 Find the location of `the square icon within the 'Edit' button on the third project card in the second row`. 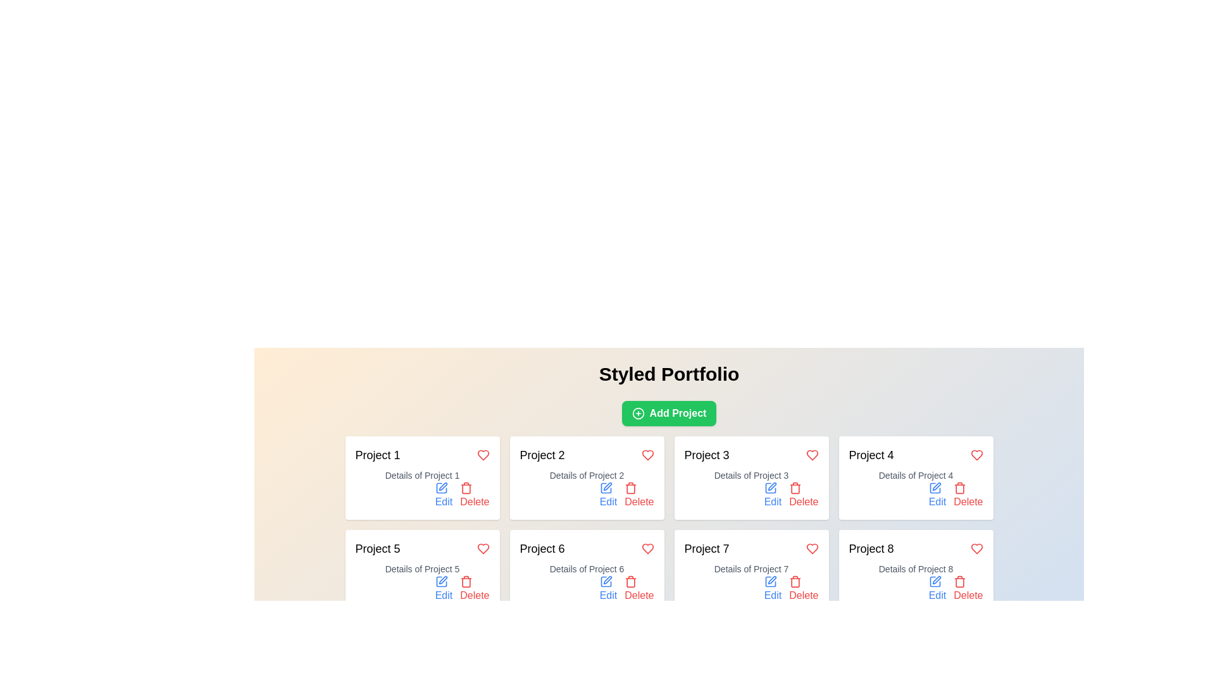

the square icon within the 'Edit' button on the third project card in the second row is located at coordinates (769, 487).